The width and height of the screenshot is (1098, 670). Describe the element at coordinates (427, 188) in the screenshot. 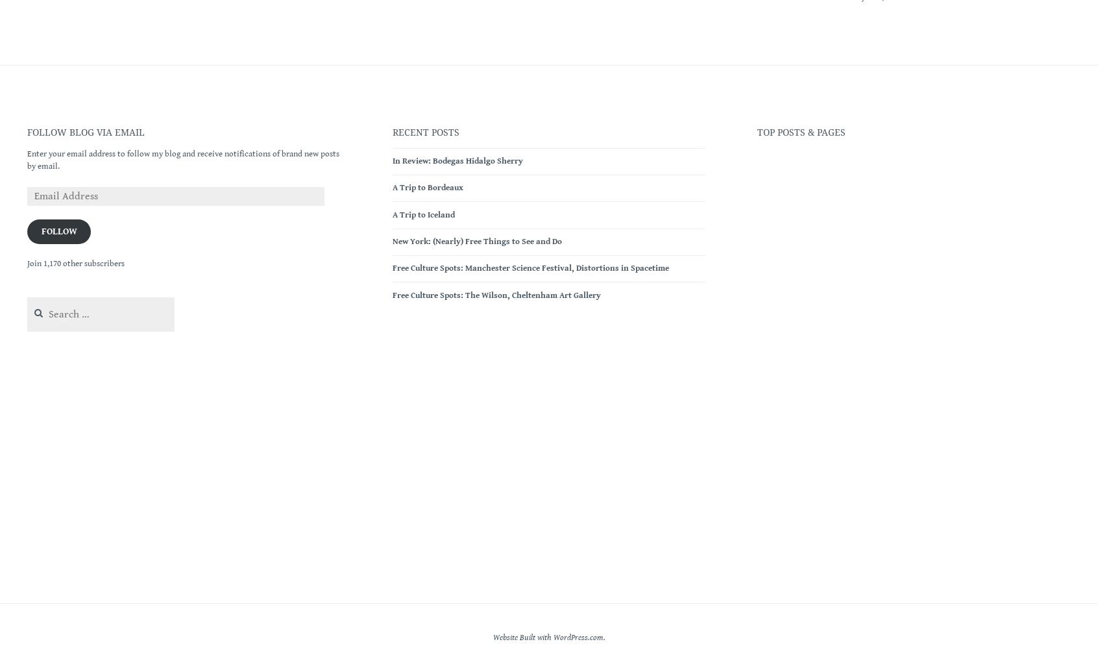

I see `'A Trip to Bordeaux'` at that location.